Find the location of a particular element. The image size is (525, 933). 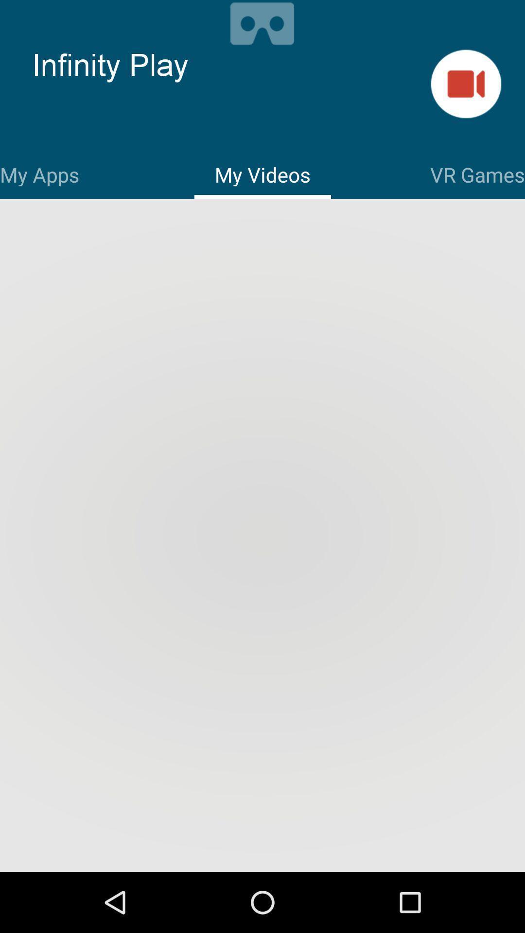

record screen is located at coordinates (262, 22).